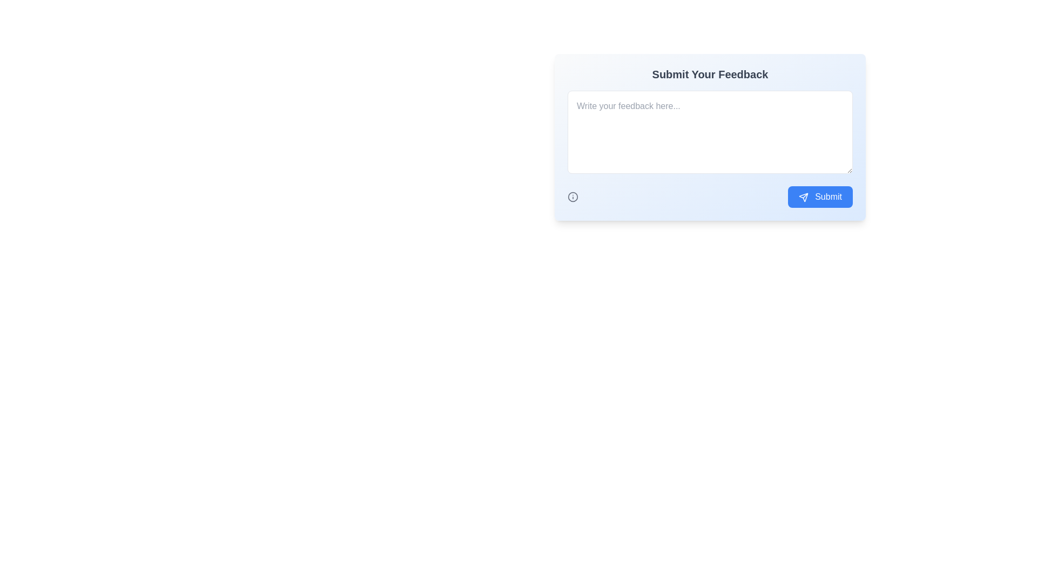 This screenshot has height=583, width=1037. What do you see at coordinates (803, 197) in the screenshot?
I see `the 'send' or 'submit' icon located to the left of the 'Submit' text within the blue button at the lower right corner of the feedback submission interface` at bounding box center [803, 197].